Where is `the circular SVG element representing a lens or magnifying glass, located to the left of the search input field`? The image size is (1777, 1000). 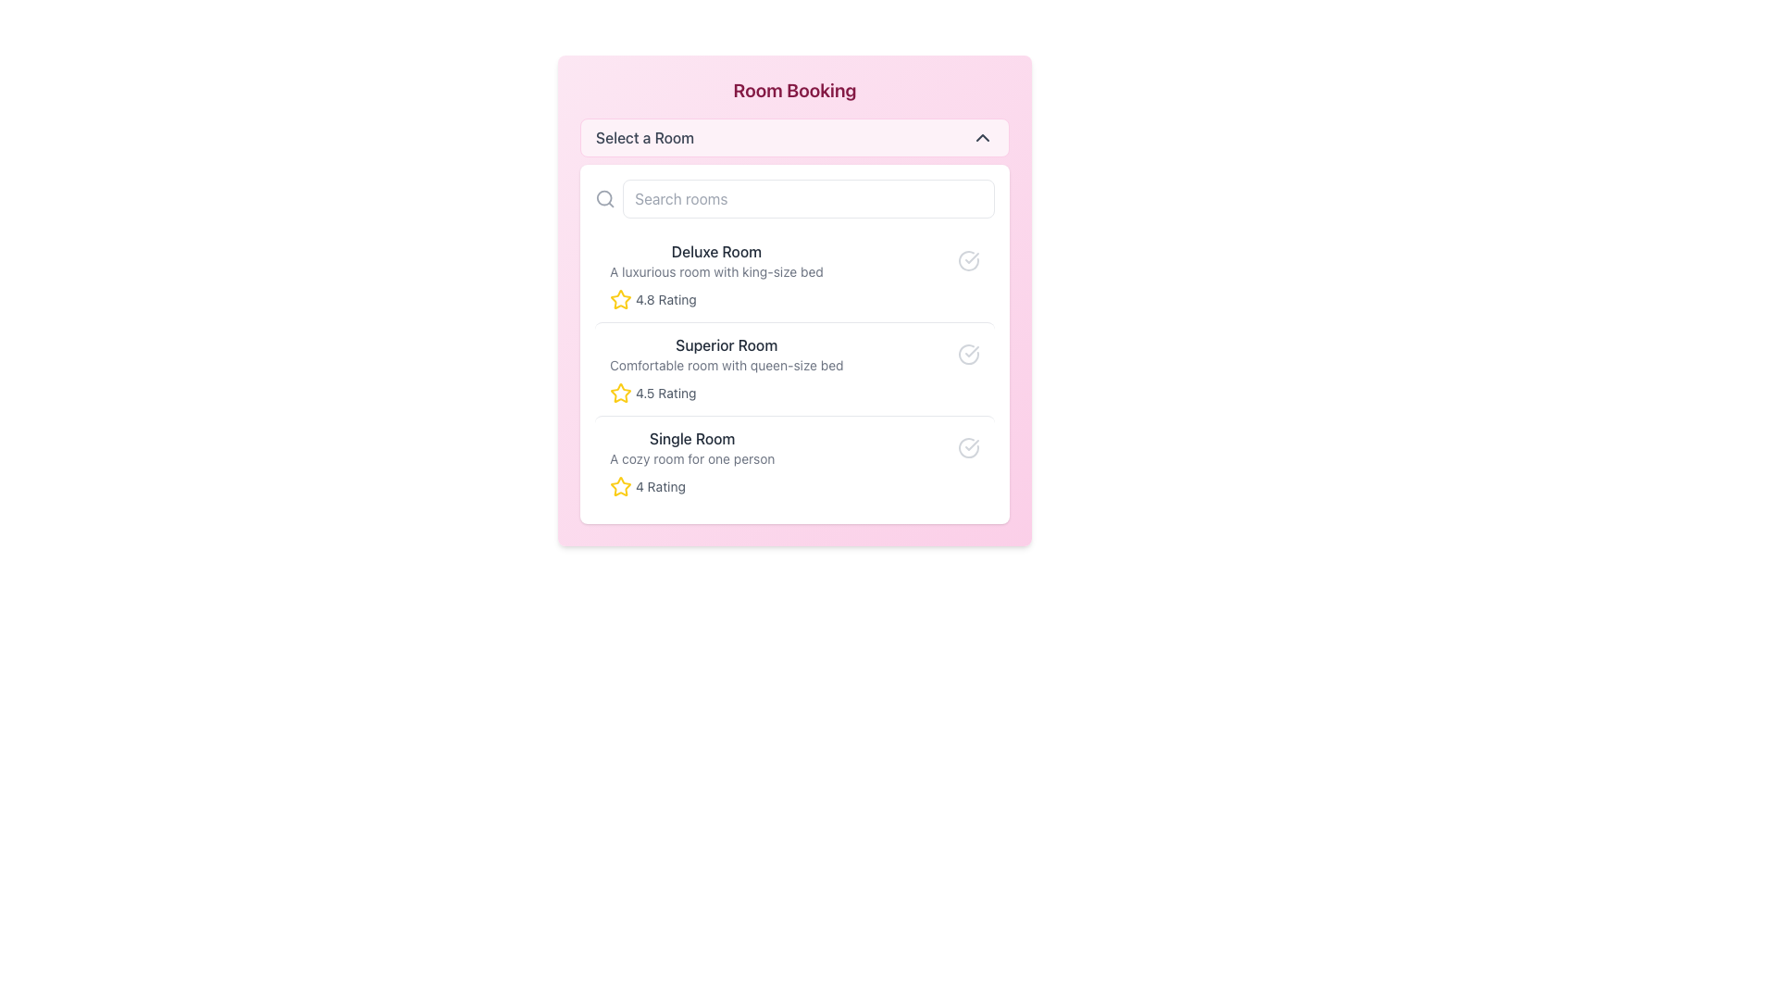 the circular SVG element representing a lens or magnifying glass, located to the left of the search input field is located at coordinates (604, 198).